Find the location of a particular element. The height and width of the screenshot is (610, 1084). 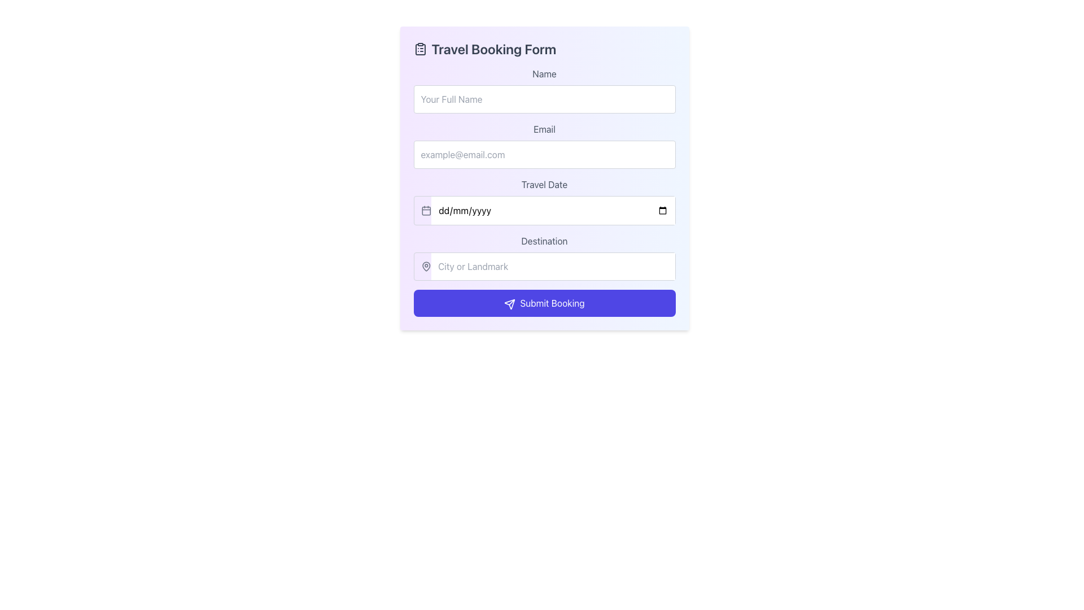

the submit button for the booking form, which is centrally aligned beneath the 'Destination' input field, to observe the hover effects is located at coordinates (544, 302).